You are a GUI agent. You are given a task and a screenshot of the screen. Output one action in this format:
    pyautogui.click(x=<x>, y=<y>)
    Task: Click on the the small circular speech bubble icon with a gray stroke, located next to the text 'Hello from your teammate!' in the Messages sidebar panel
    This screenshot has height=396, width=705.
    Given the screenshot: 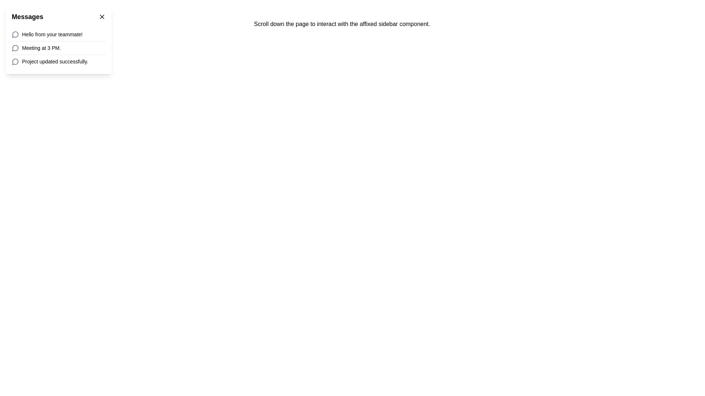 What is the action you would take?
    pyautogui.click(x=15, y=34)
    